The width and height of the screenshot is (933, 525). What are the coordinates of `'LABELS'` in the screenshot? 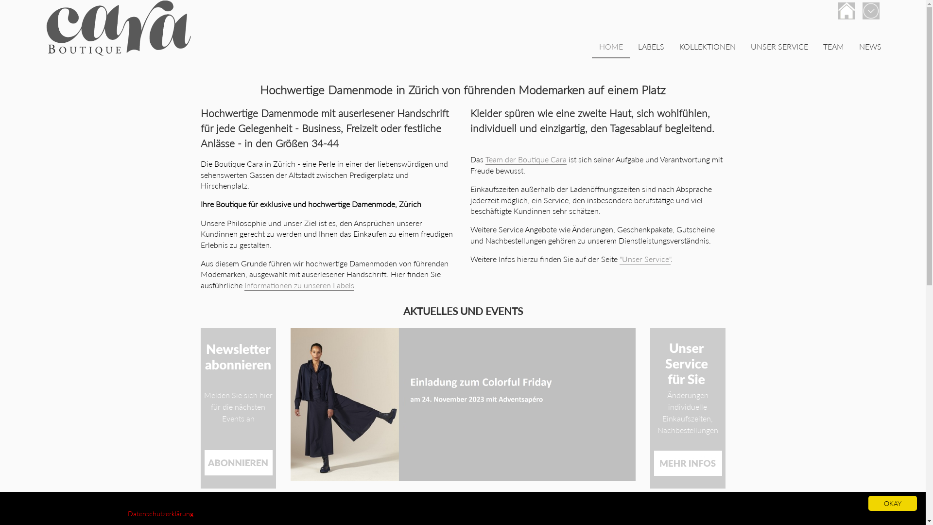 It's located at (630, 47).